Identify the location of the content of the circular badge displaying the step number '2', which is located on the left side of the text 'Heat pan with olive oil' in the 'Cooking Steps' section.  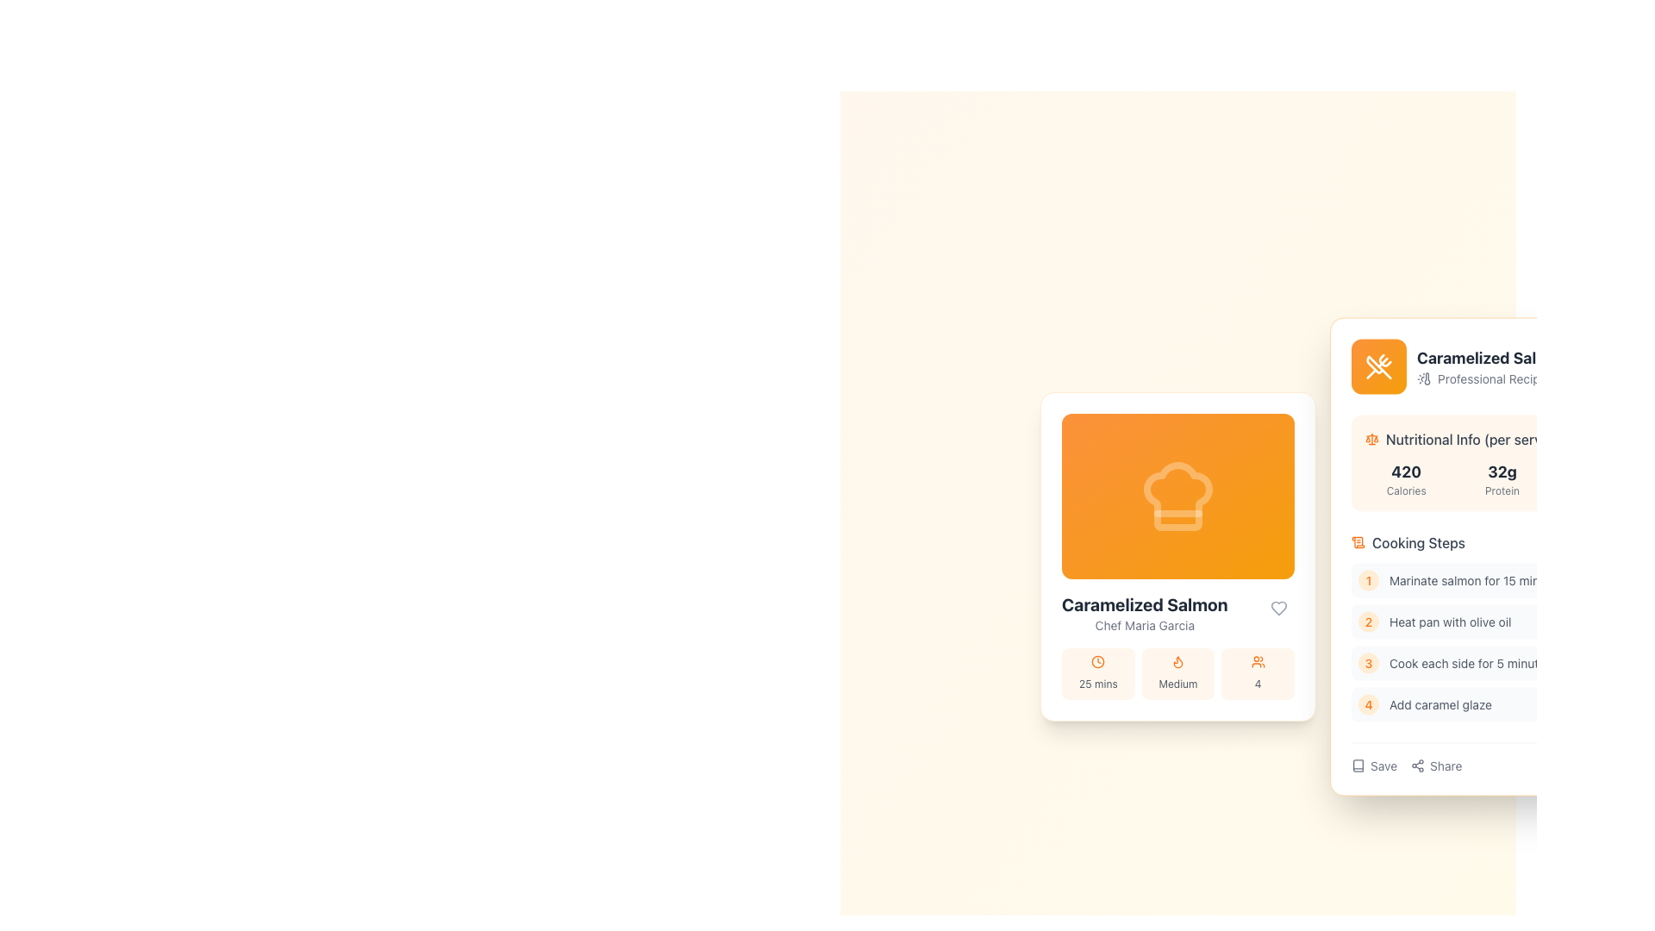
(1368, 622).